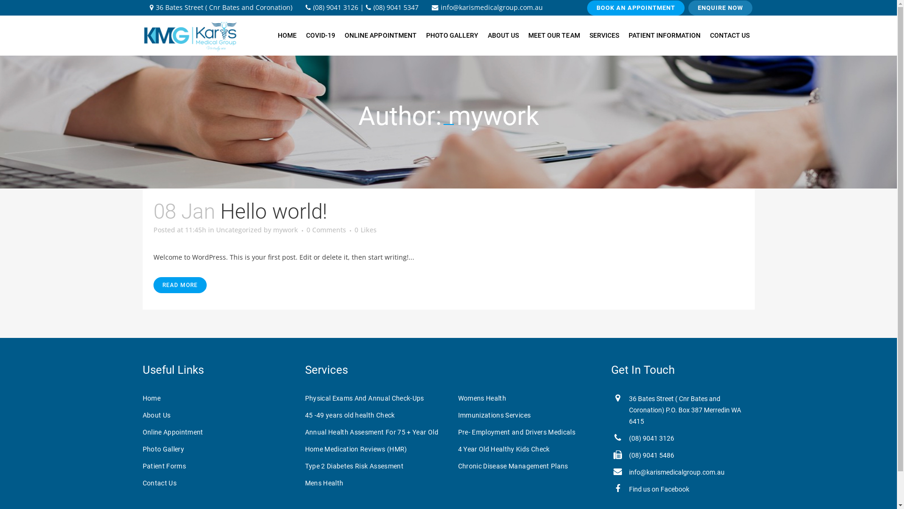 Image resolution: width=904 pixels, height=509 pixels. What do you see at coordinates (391, 7) in the screenshot?
I see `'(08) 9041 5347'` at bounding box center [391, 7].